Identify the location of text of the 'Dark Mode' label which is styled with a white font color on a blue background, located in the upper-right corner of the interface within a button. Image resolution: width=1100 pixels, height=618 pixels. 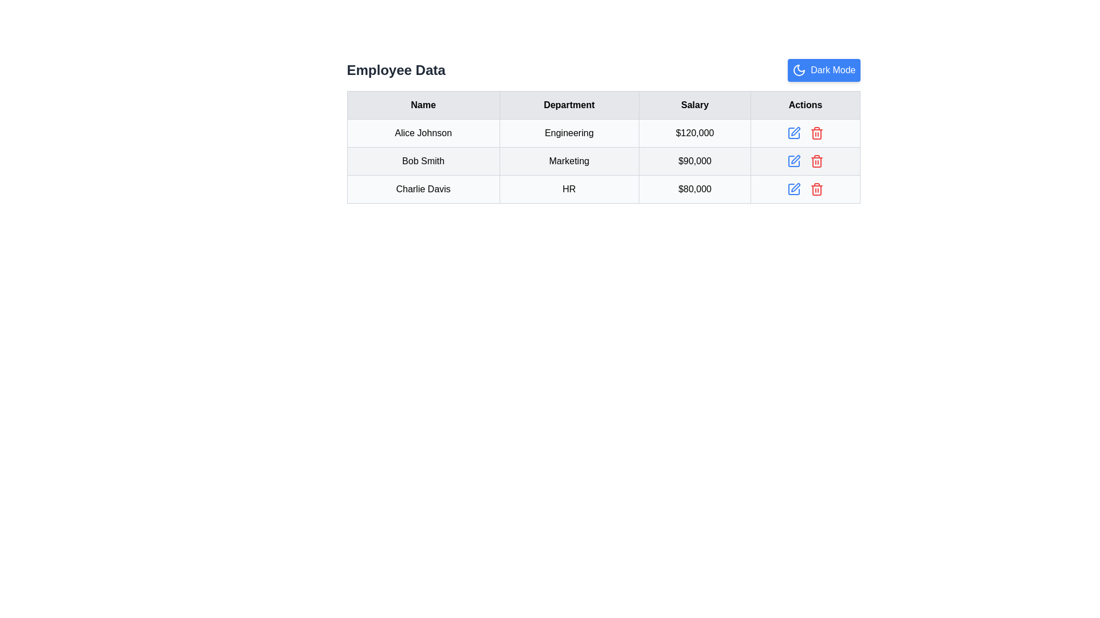
(833, 70).